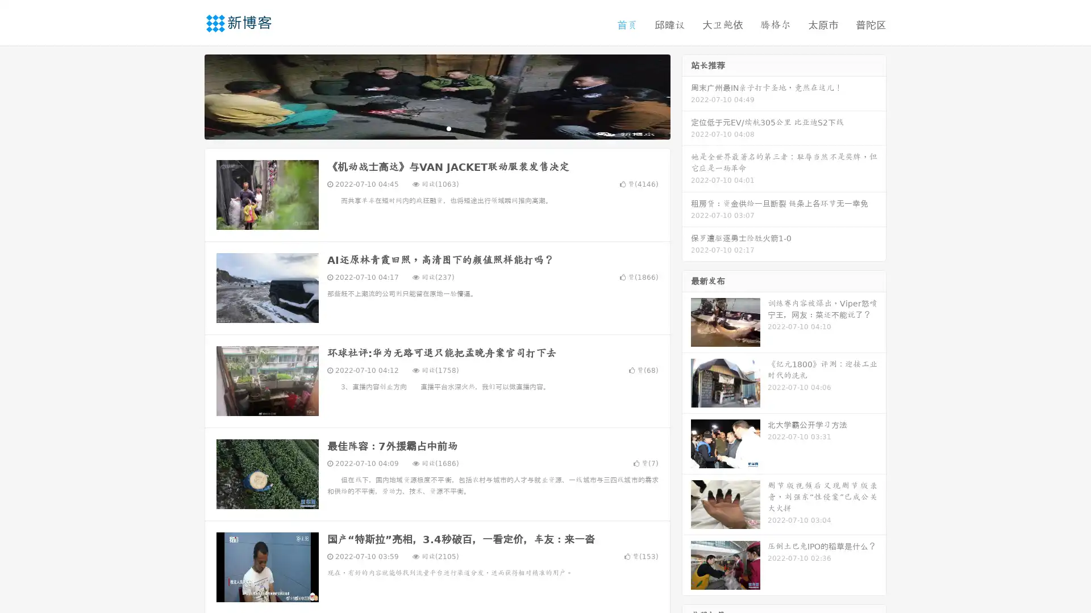 This screenshot has width=1091, height=613. What do you see at coordinates (448, 128) in the screenshot?
I see `Go to slide 3` at bounding box center [448, 128].